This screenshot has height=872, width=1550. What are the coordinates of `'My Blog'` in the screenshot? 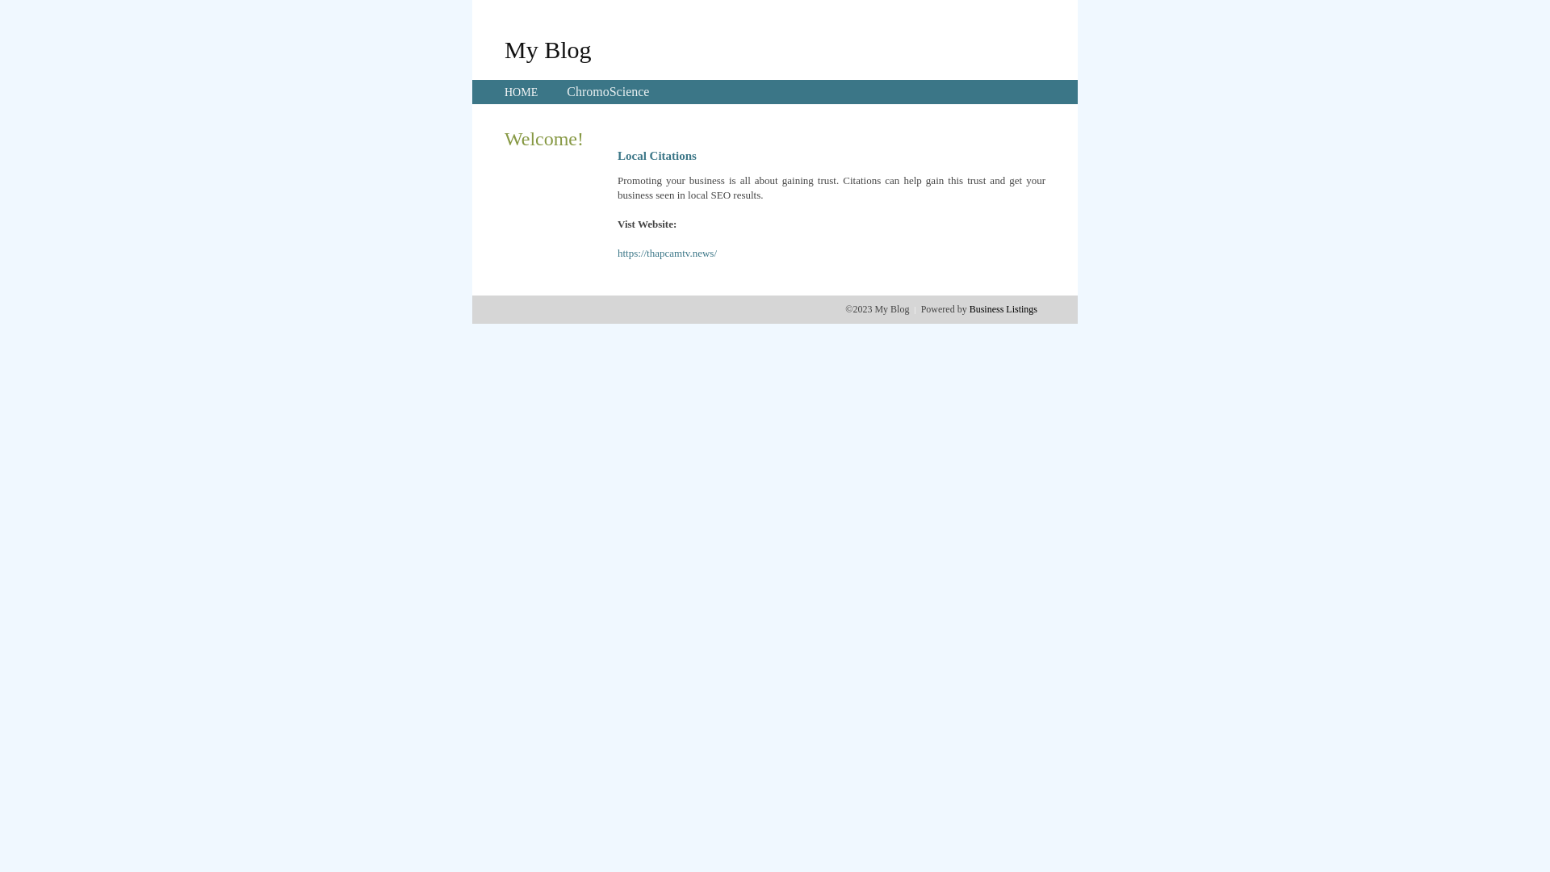 It's located at (547, 48).